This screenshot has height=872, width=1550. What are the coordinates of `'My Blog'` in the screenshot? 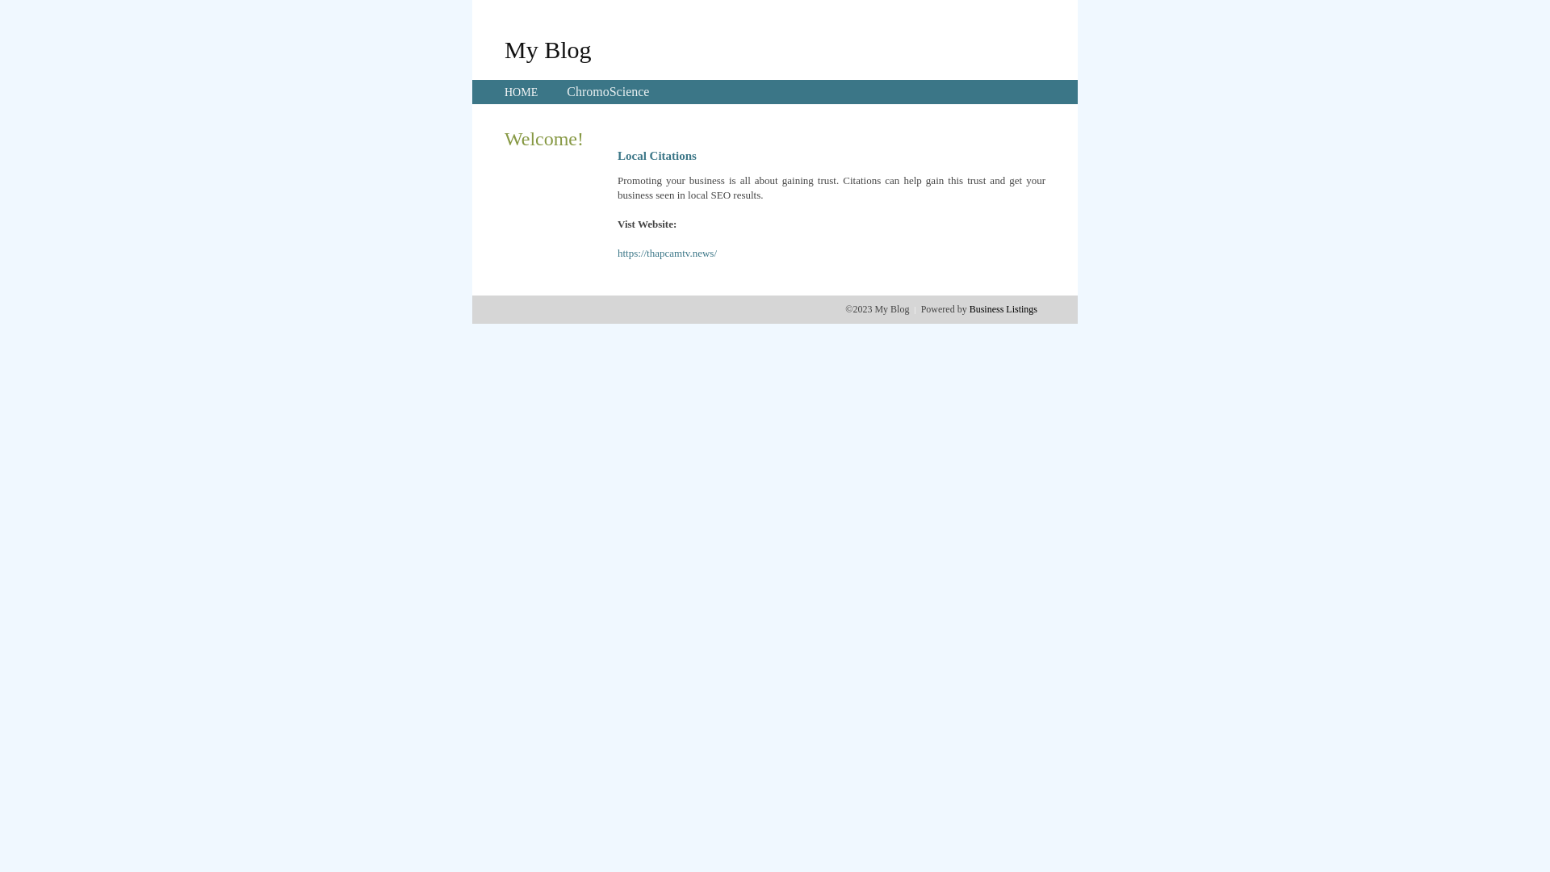 It's located at (547, 48).